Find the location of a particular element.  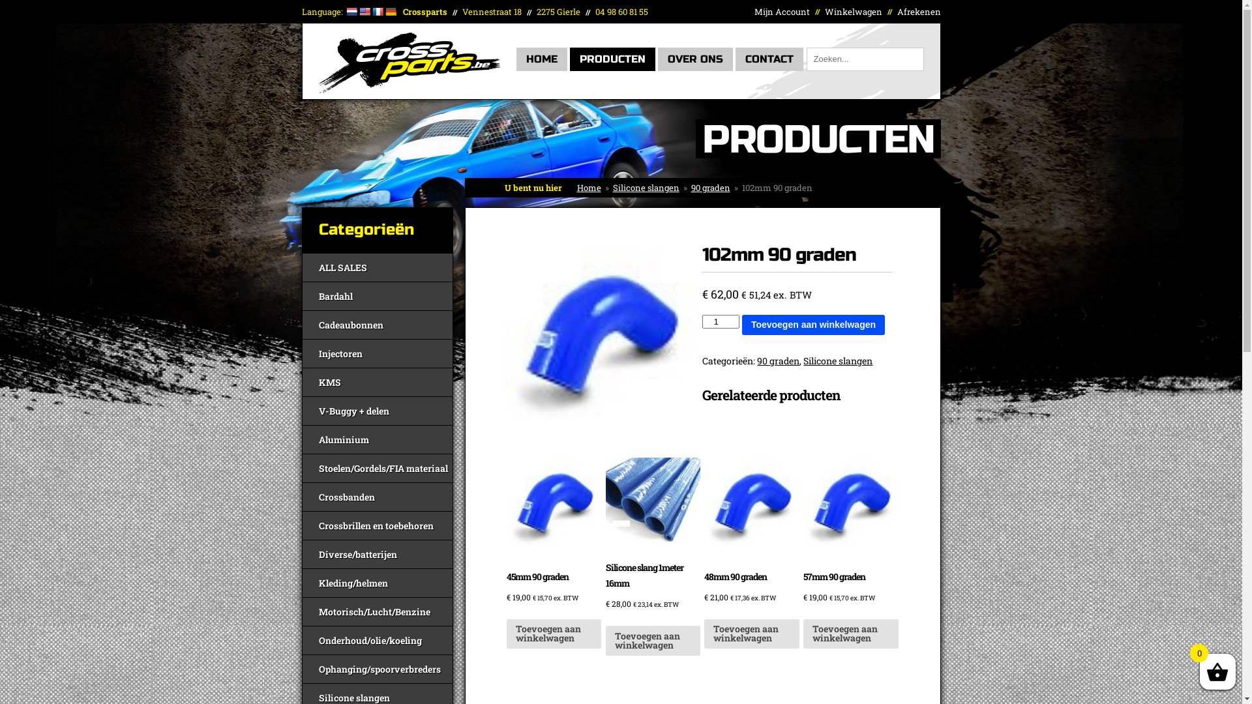

'V-Buggy + delen' is located at coordinates (377, 409).